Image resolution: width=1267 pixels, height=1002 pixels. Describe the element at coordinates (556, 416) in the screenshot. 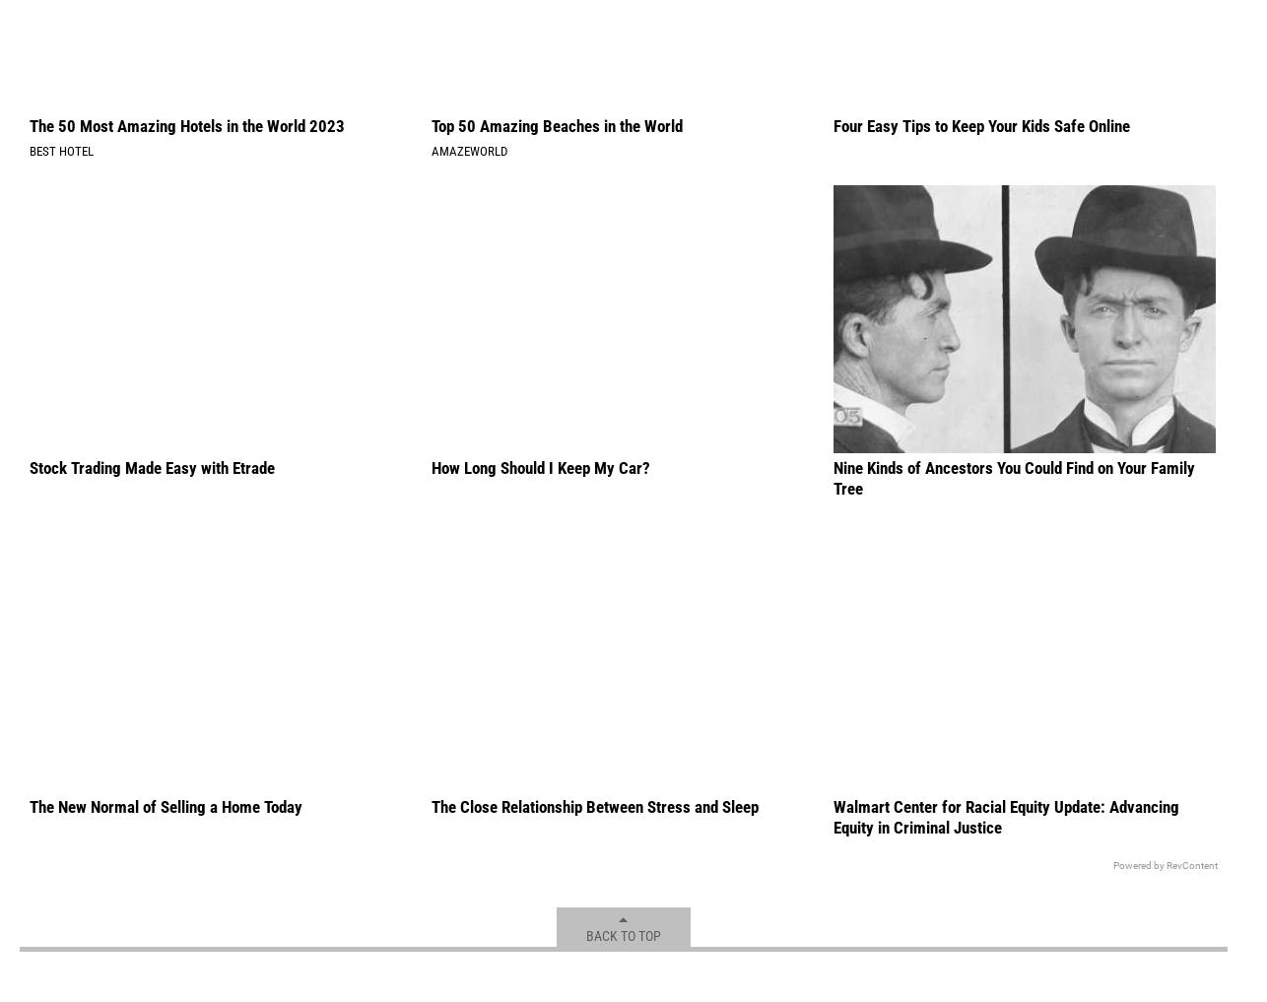

I see `'Top 50 Amazing Beaches in the World'` at that location.